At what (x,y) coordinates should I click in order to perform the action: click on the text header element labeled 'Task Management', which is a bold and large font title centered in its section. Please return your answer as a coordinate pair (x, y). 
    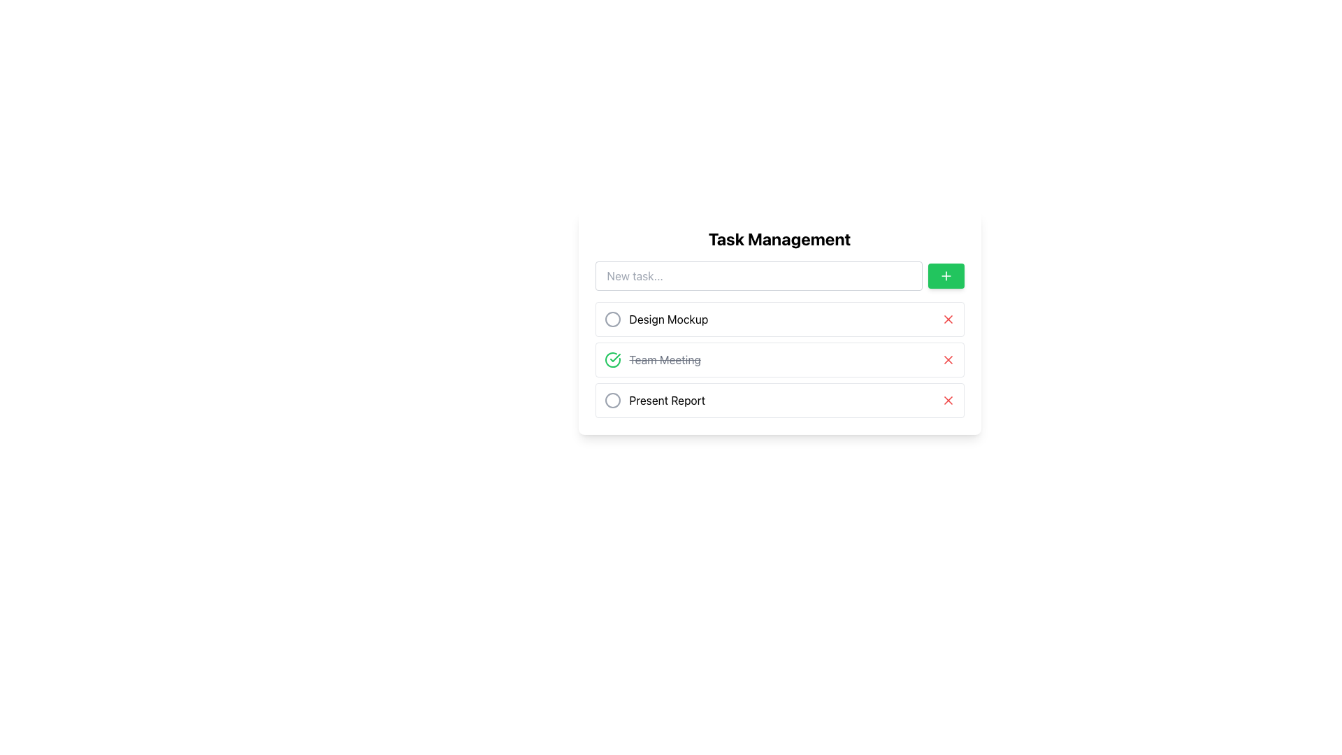
    Looking at the image, I should click on (779, 238).